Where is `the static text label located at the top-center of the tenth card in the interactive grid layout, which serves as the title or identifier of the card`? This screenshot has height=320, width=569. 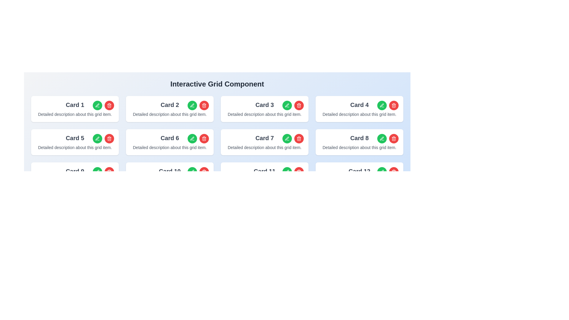
the static text label located at the top-center of the tenth card in the interactive grid layout, which serves as the title or identifier of the card is located at coordinates (169, 171).